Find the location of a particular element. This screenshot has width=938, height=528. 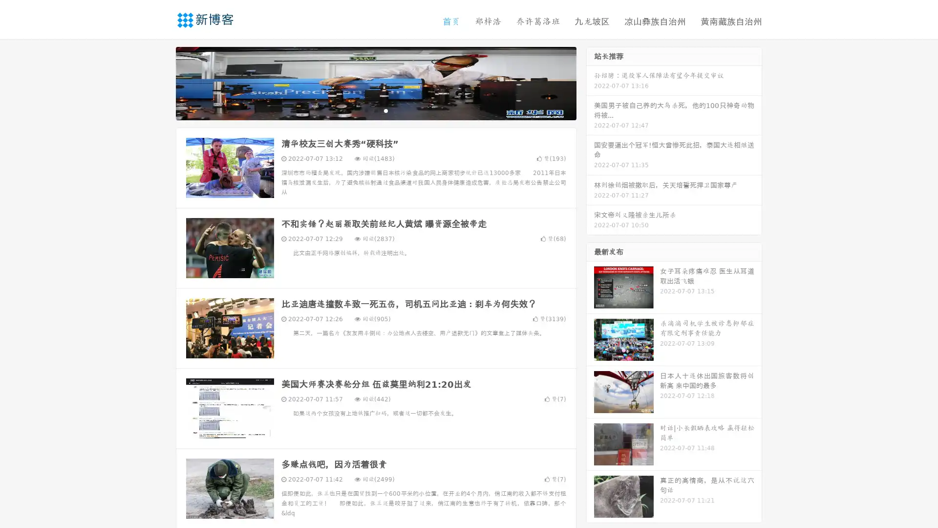

Go to slide 1 is located at coordinates (365, 110).